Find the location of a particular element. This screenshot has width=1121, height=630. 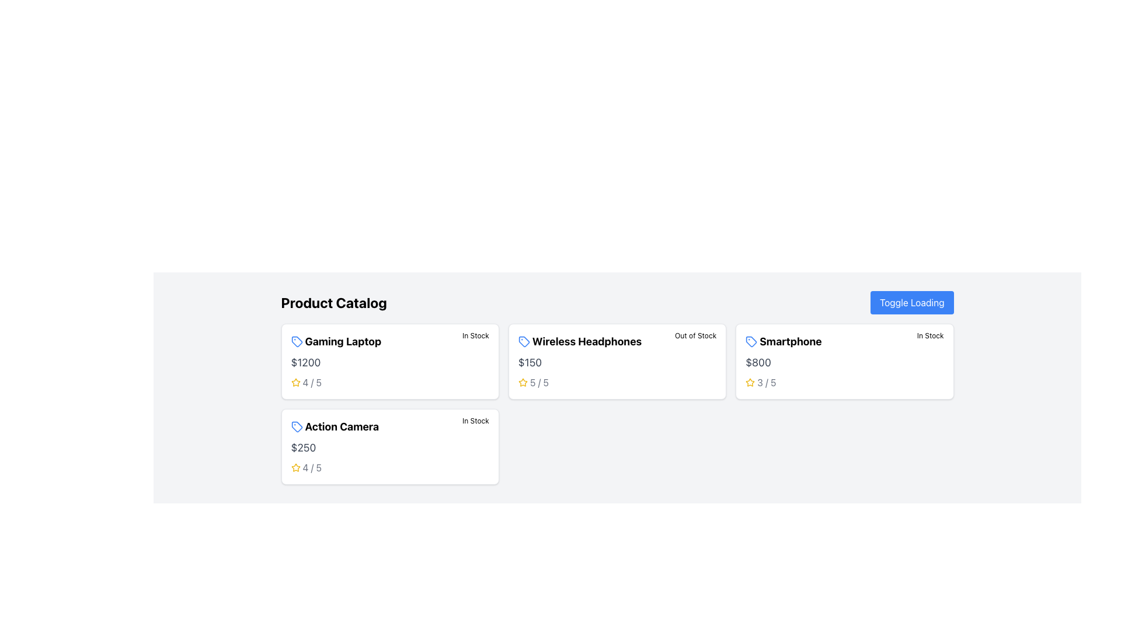

the Rating display showing '3 / 5' with a star icon, located at the bottom-right section of the Smartphone product card is located at coordinates (761, 382).